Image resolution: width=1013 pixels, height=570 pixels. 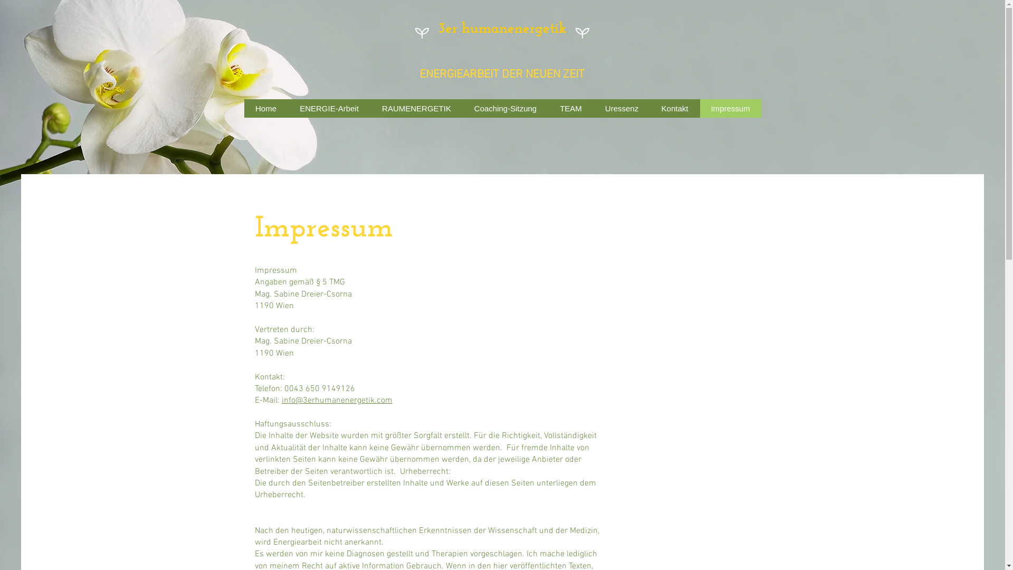 I want to click on 'Uressenz', so click(x=621, y=108).